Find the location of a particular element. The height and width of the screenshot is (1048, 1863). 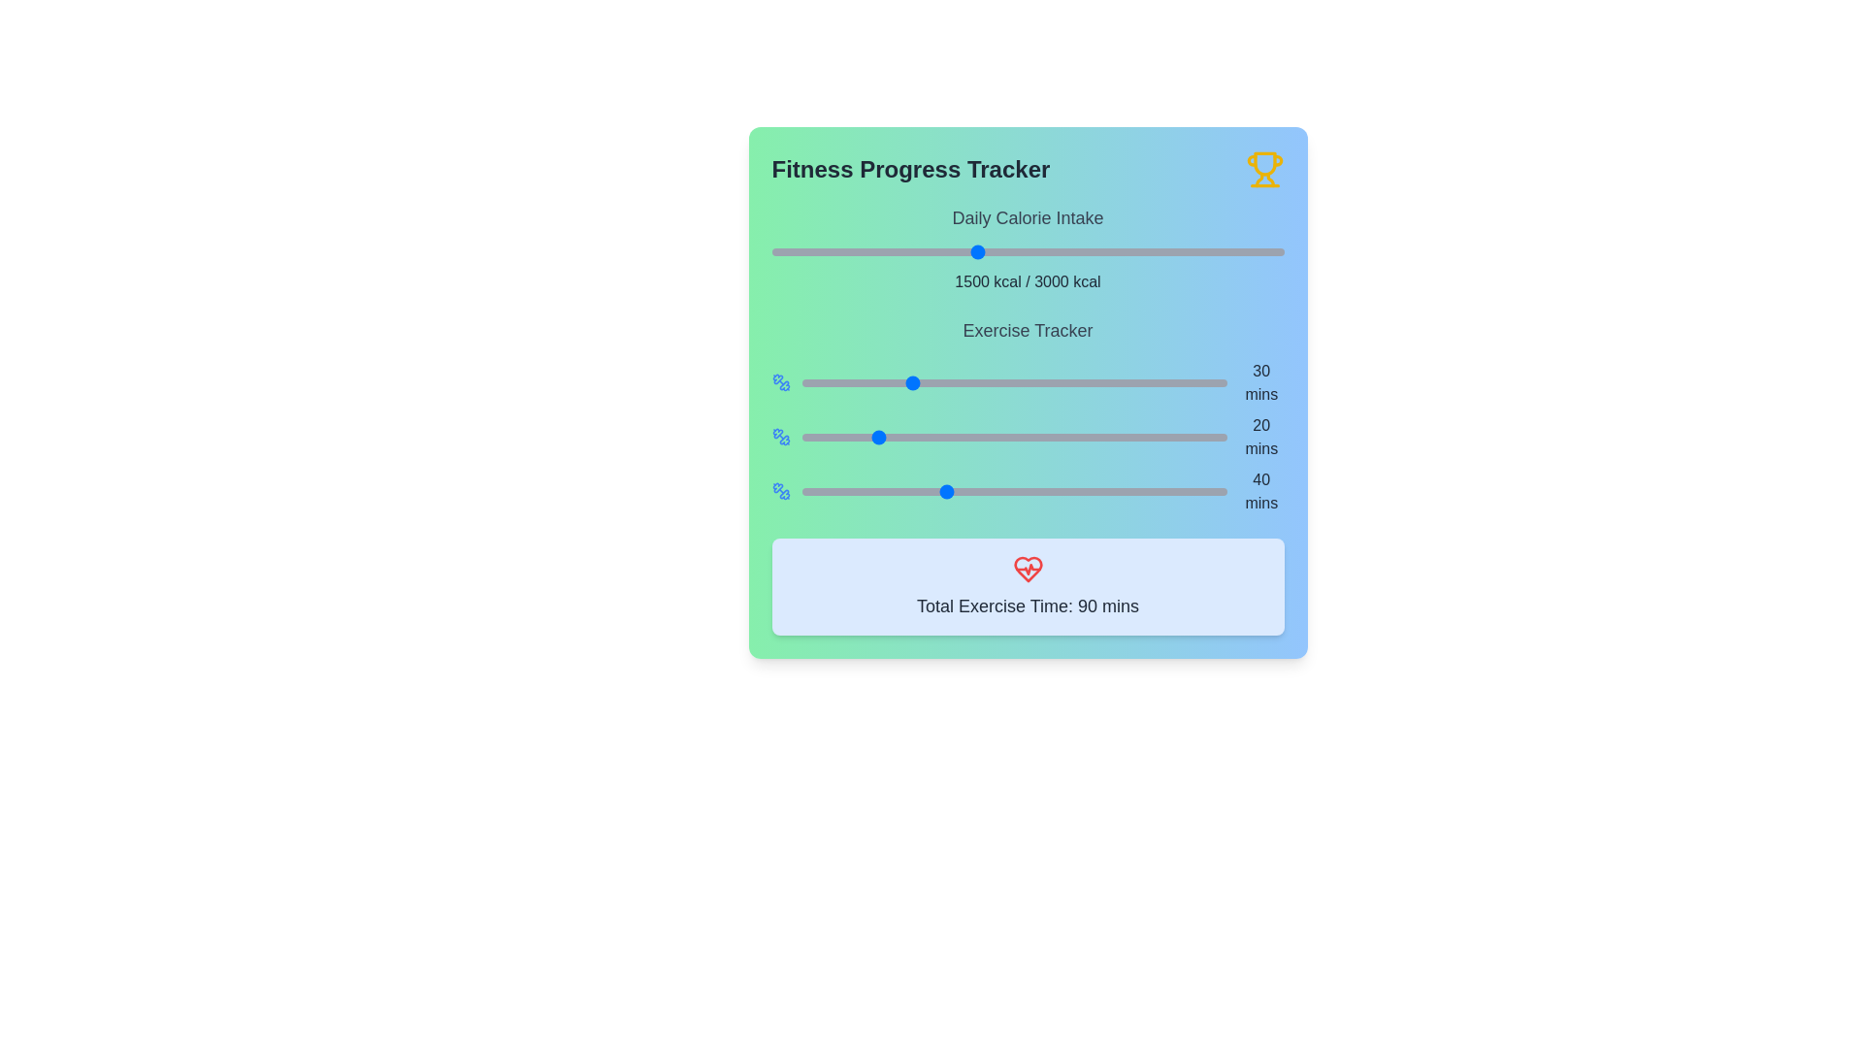

the slider value is located at coordinates (1081, 382).